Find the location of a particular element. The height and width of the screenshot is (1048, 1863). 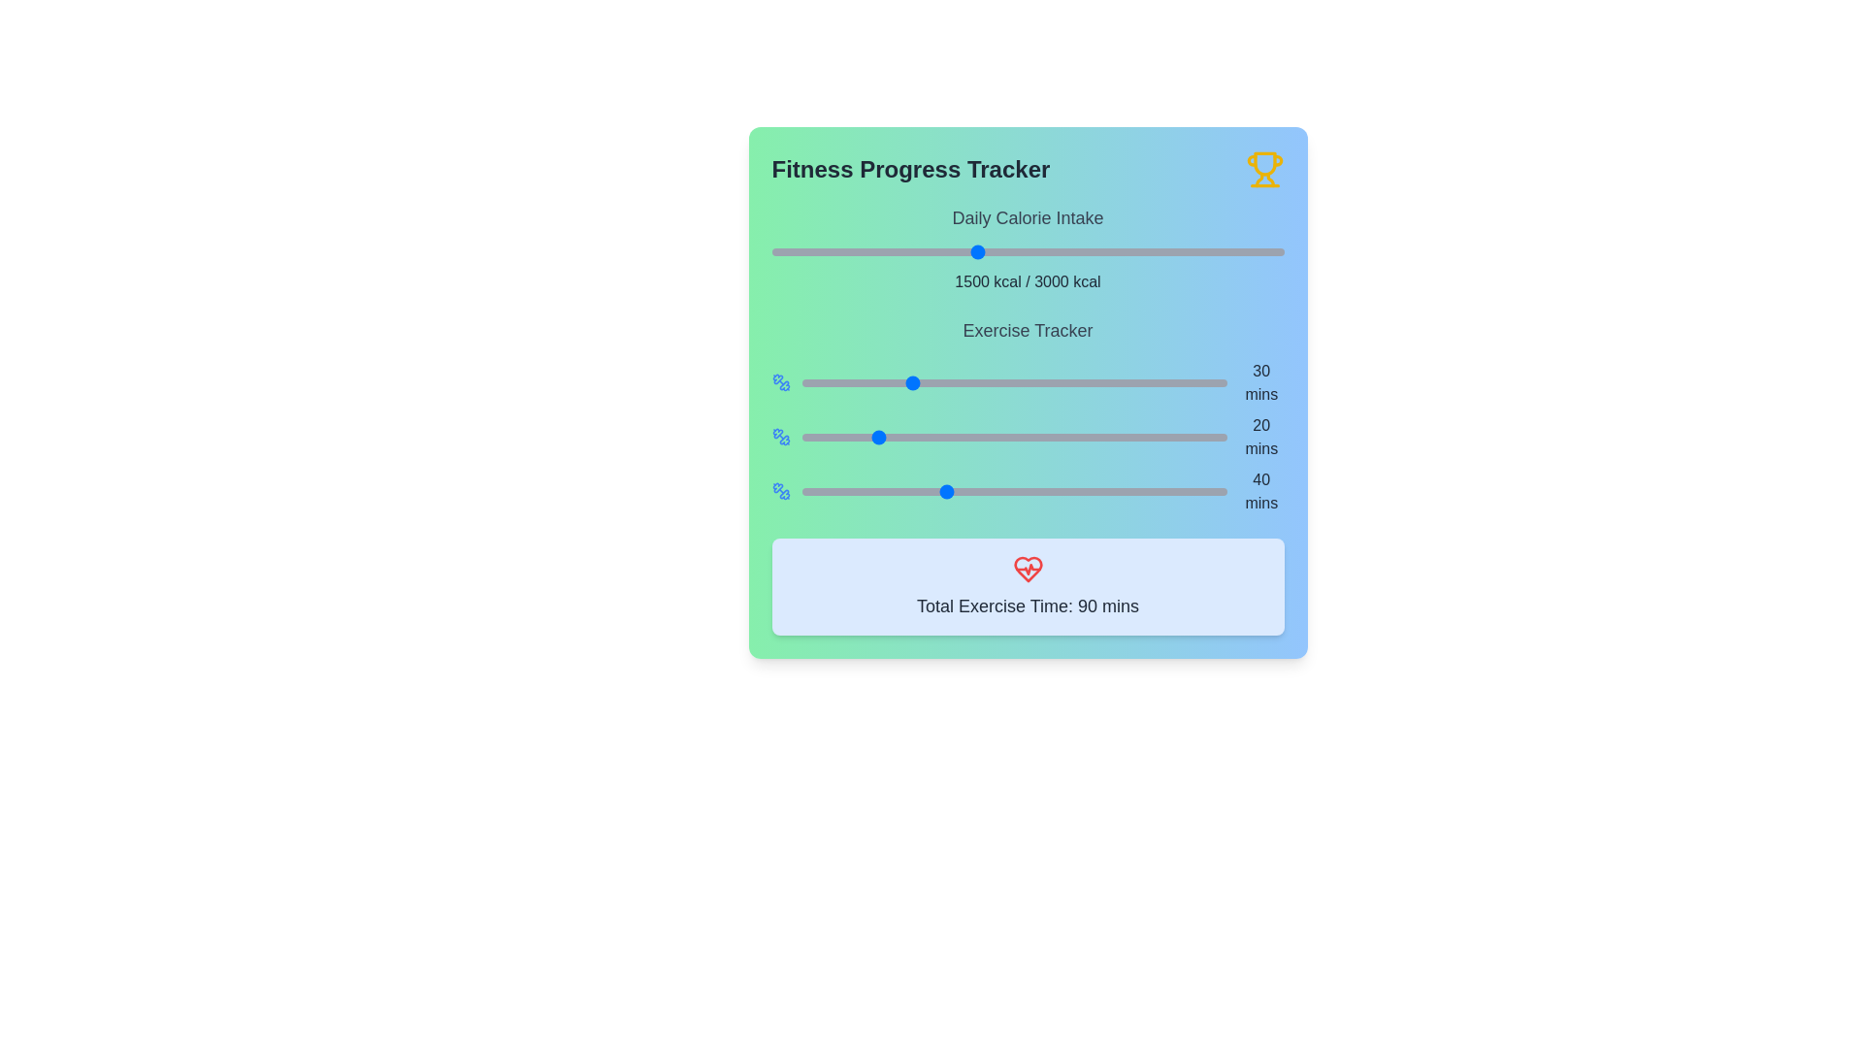

the slider value is located at coordinates (1081, 382).